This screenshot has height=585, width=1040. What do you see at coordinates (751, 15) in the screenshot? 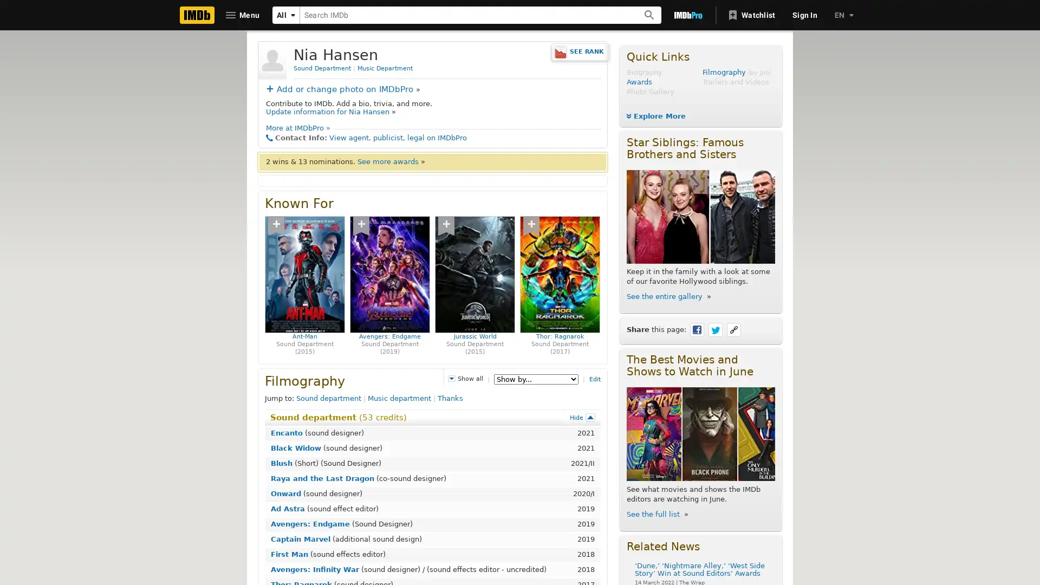
I see `Watchlist` at bounding box center [751, 15].